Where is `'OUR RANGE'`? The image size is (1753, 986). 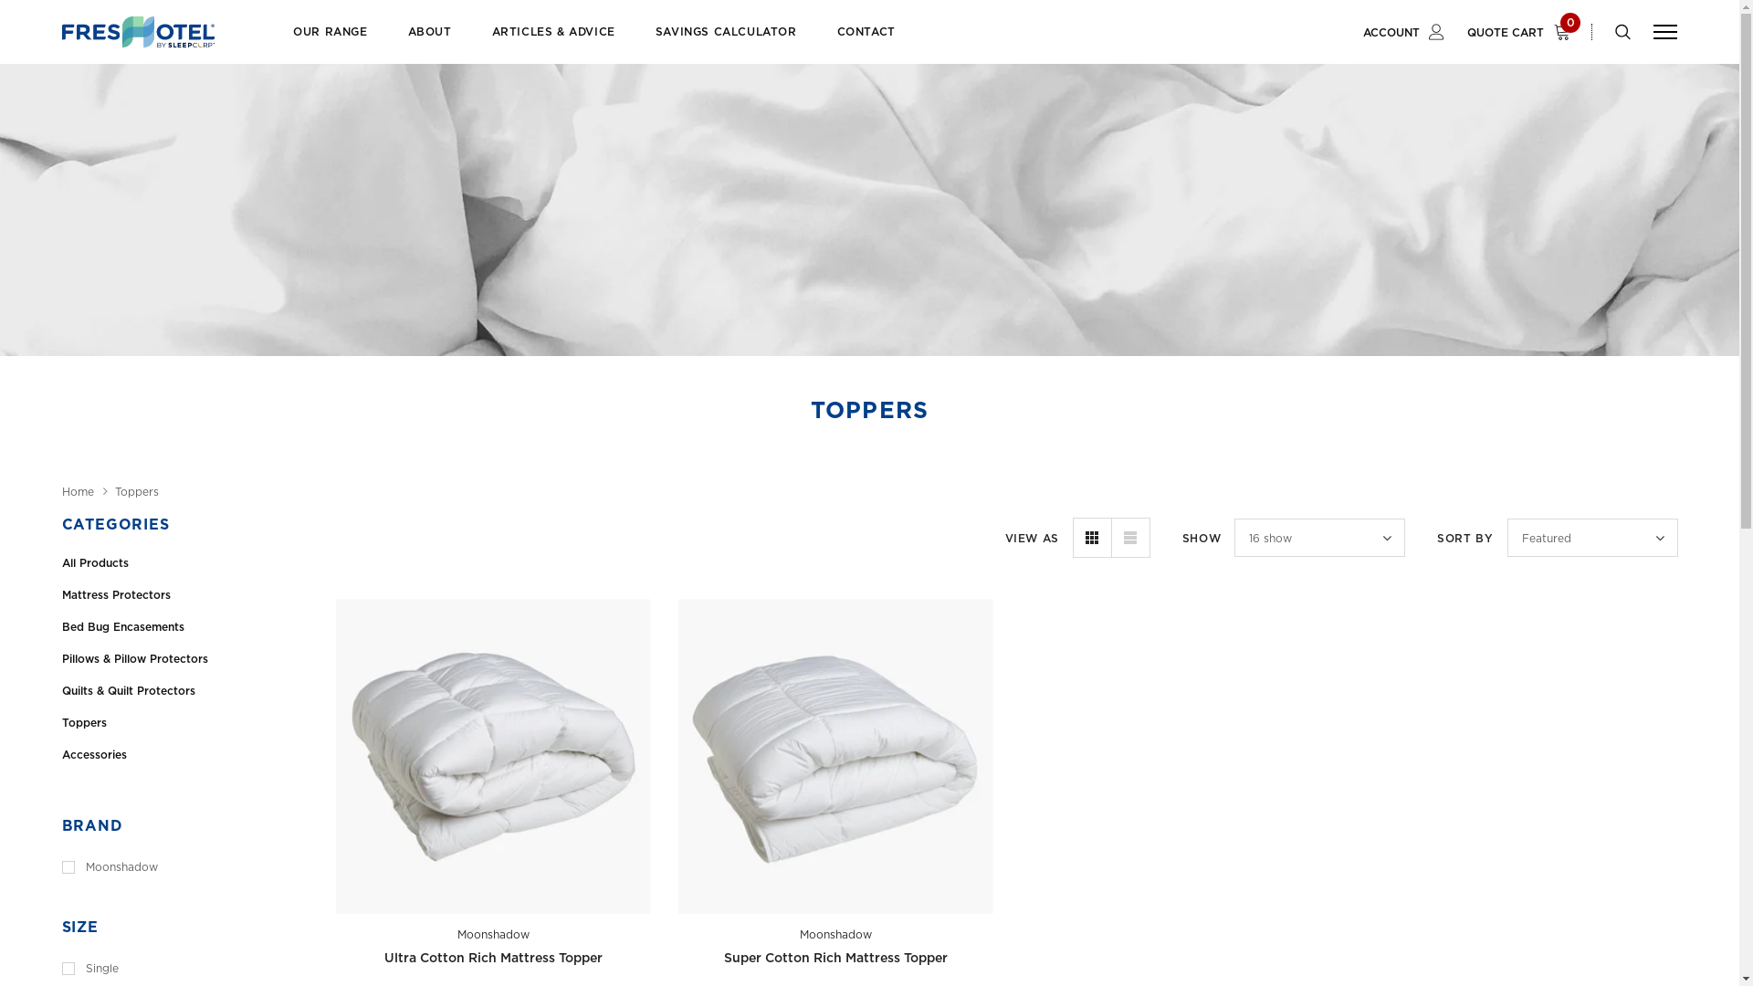 'OUR RANGE' is located at coordinates (330, 41).